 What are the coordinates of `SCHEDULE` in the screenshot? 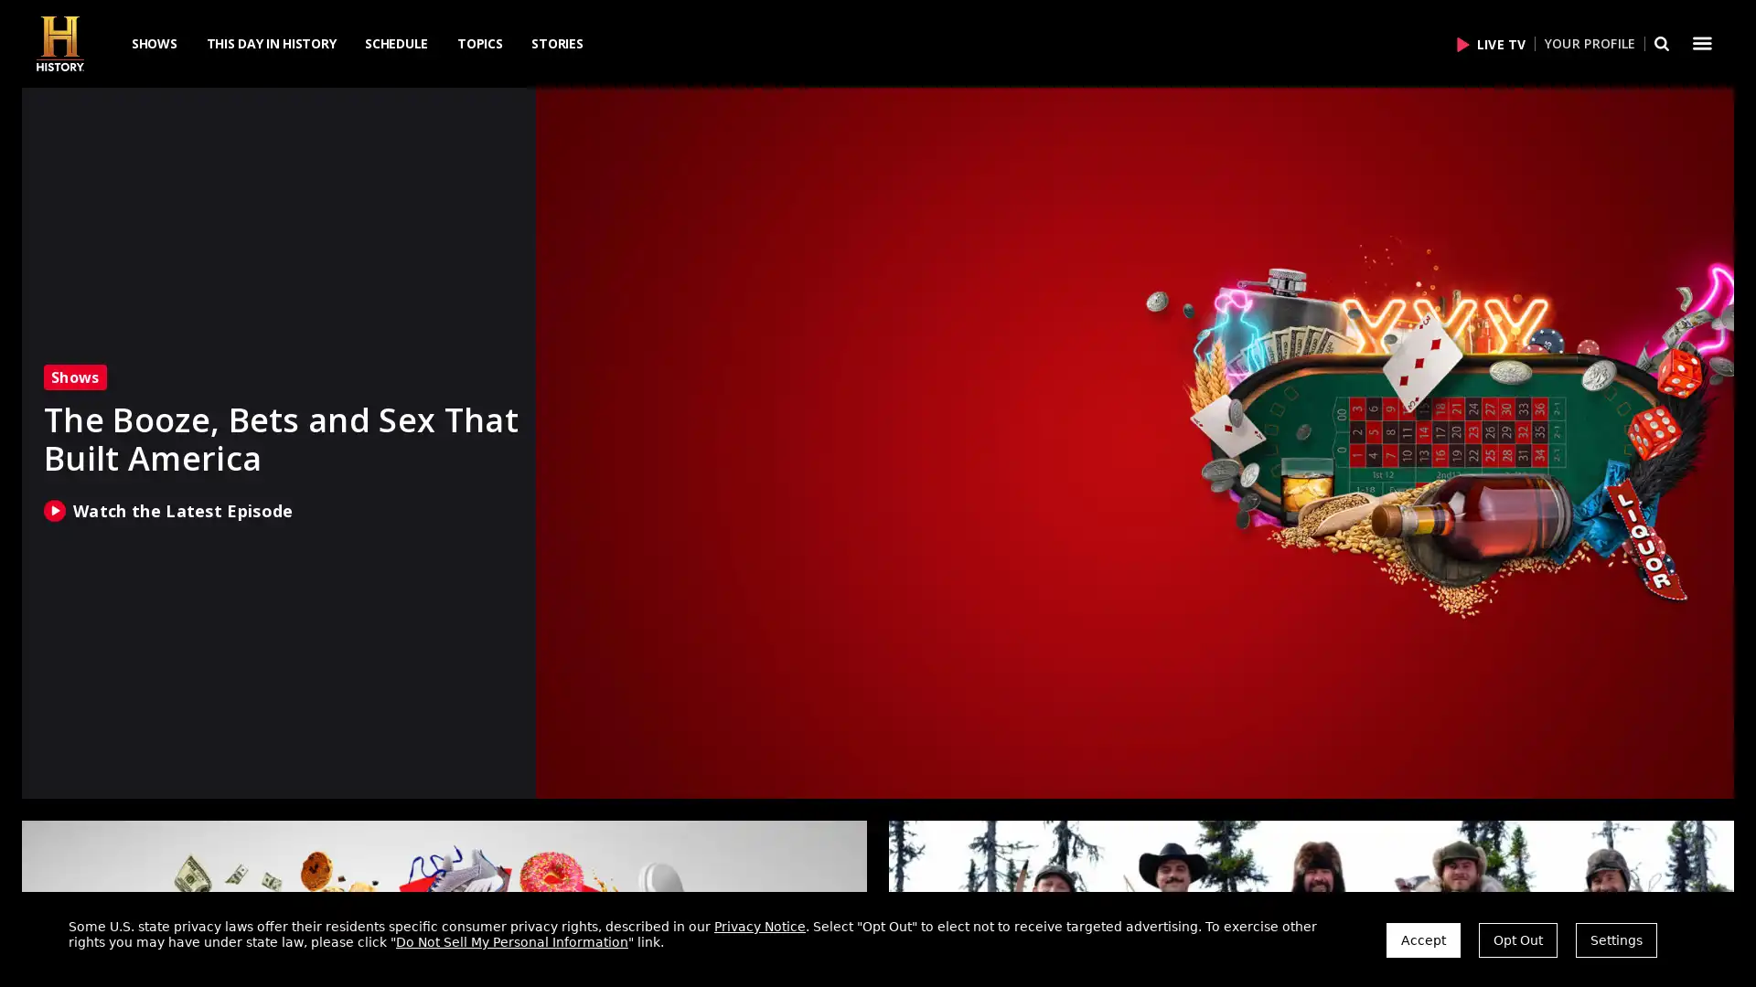 It's located at (395, 42).